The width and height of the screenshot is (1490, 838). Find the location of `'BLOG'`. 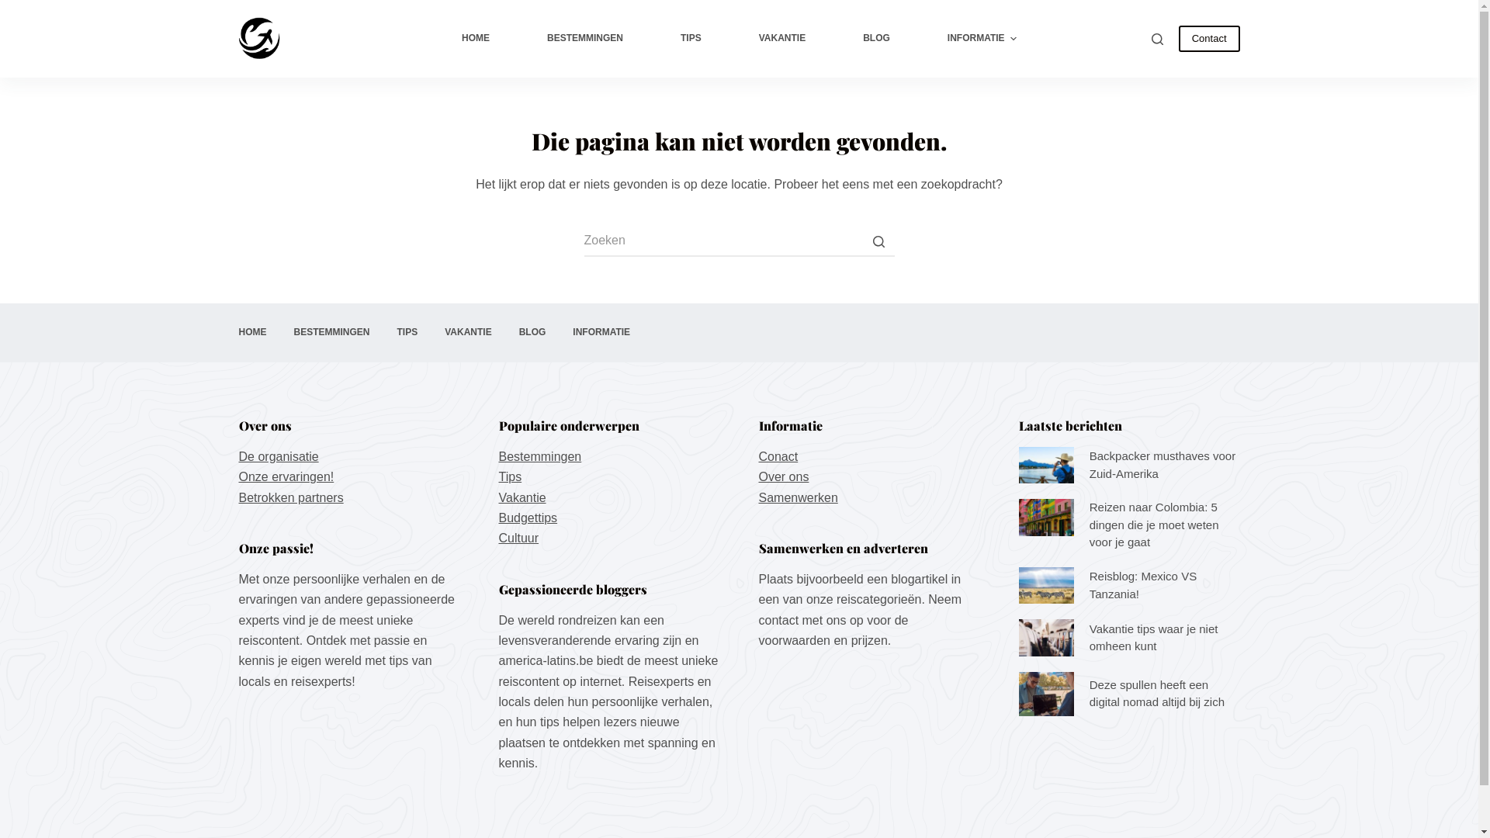

'BLOG' is located at coordinates (876, 38).